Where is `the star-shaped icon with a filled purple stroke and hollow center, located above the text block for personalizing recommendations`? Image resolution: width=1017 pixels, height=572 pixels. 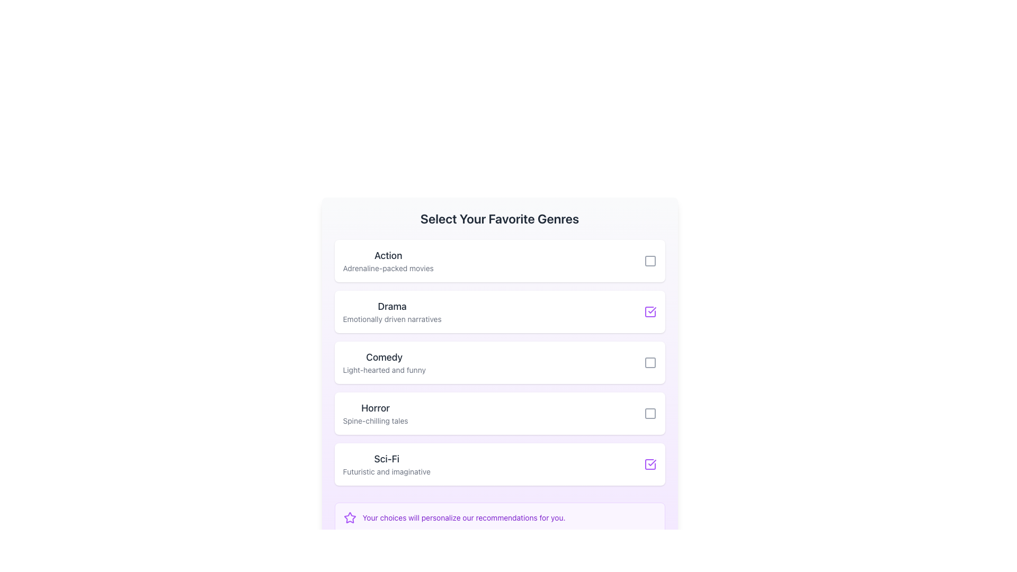 the star-shaped icon with a filled purple stroke and hollow center, located above the text block for personalizing recommendations is located at coordinates (350, 517).